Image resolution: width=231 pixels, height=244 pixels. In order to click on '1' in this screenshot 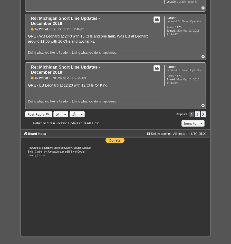, I will do `click(191, 114)`.